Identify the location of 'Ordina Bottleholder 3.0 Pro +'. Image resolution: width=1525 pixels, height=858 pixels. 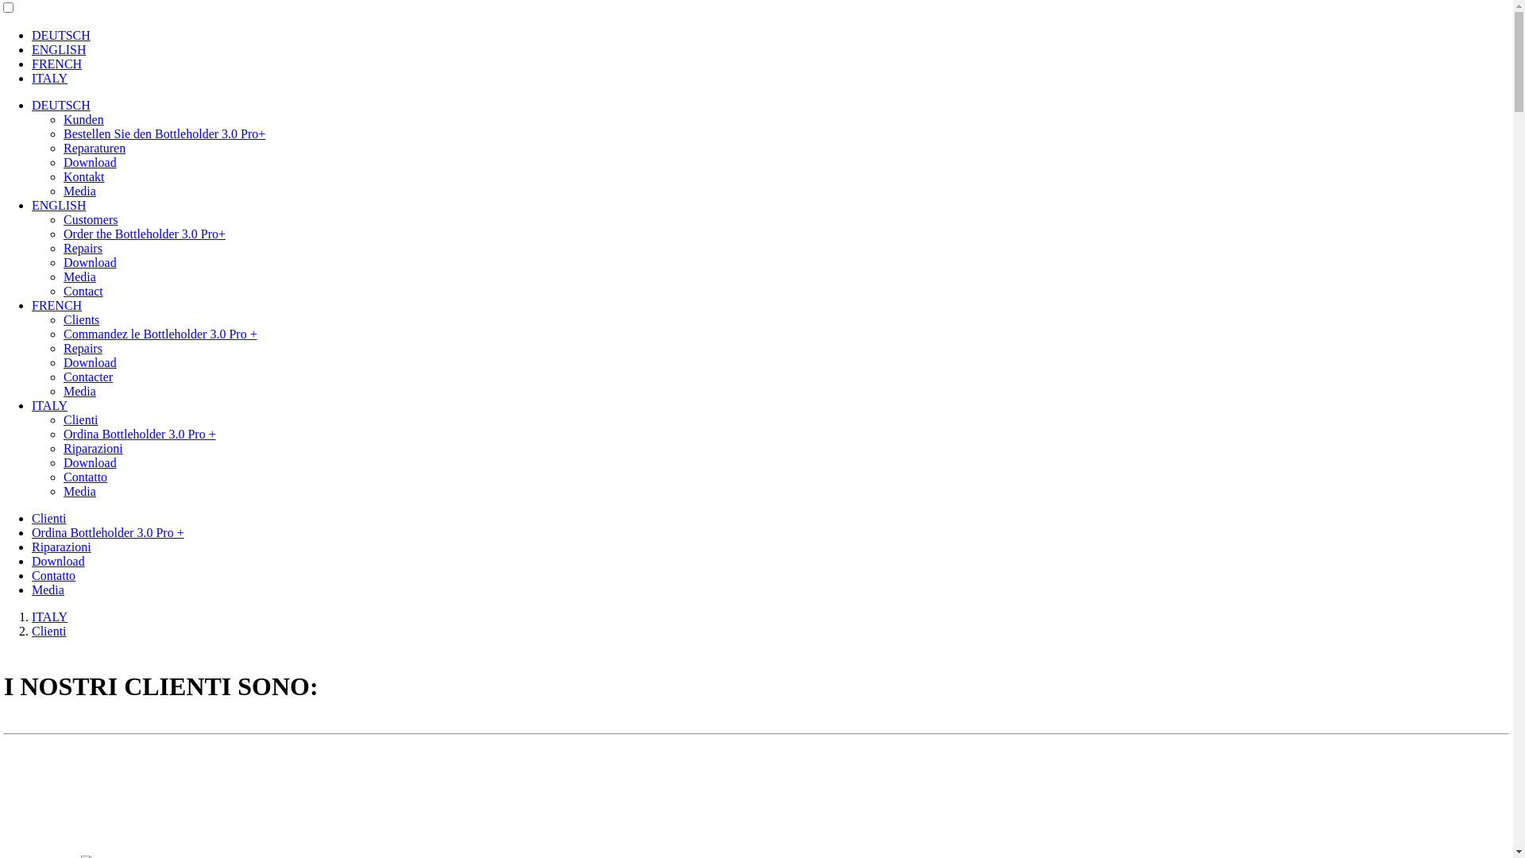
(106, 532).